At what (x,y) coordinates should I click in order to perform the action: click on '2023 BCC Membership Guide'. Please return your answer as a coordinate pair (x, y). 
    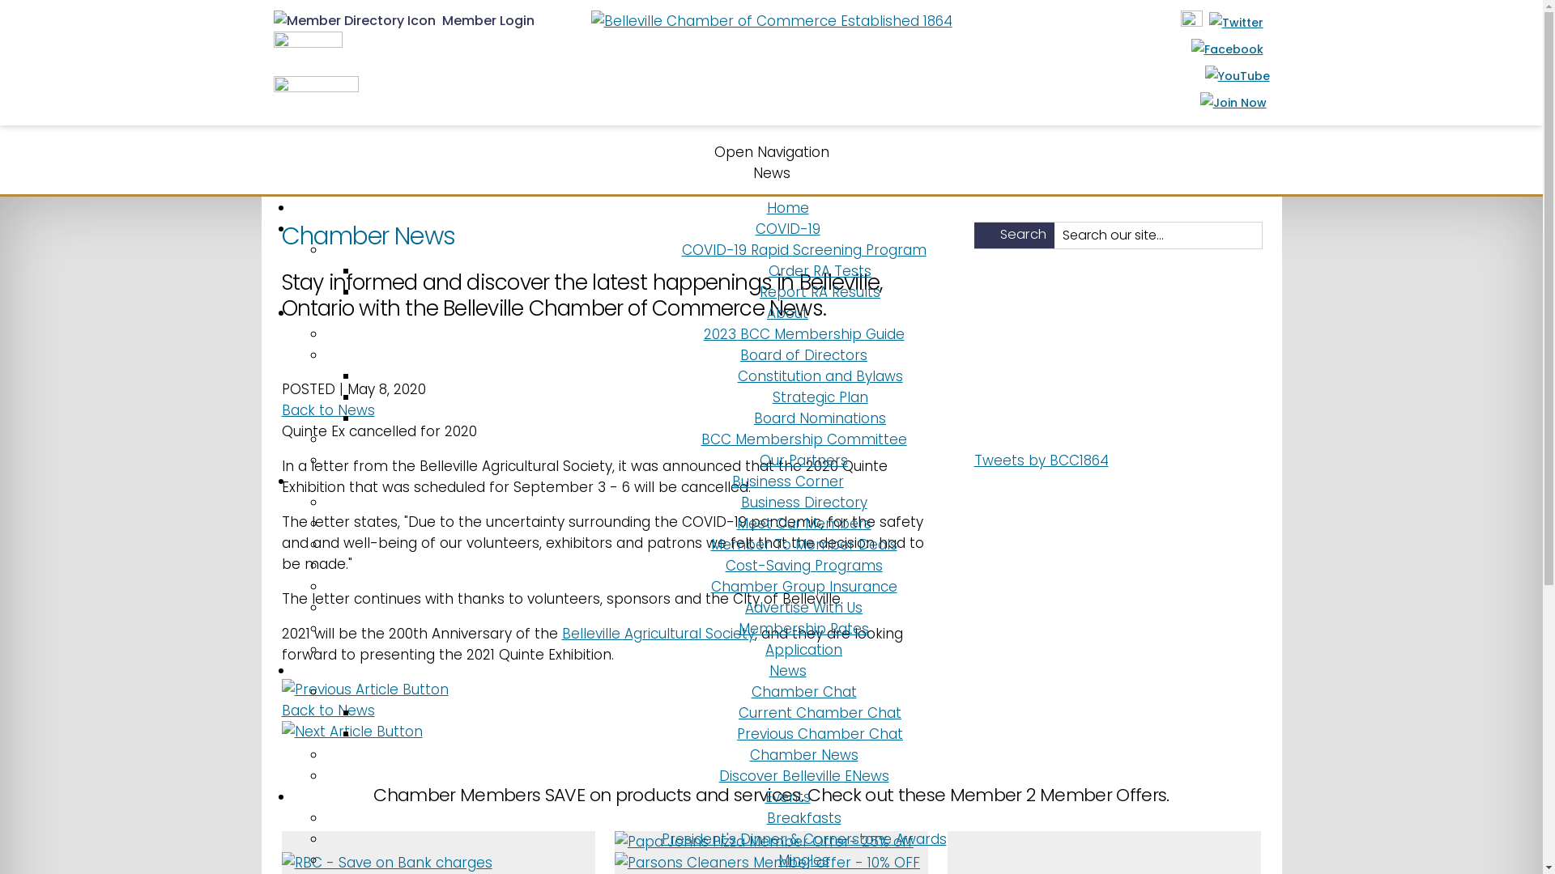
    Looking at the image, I should click on (803, 333).